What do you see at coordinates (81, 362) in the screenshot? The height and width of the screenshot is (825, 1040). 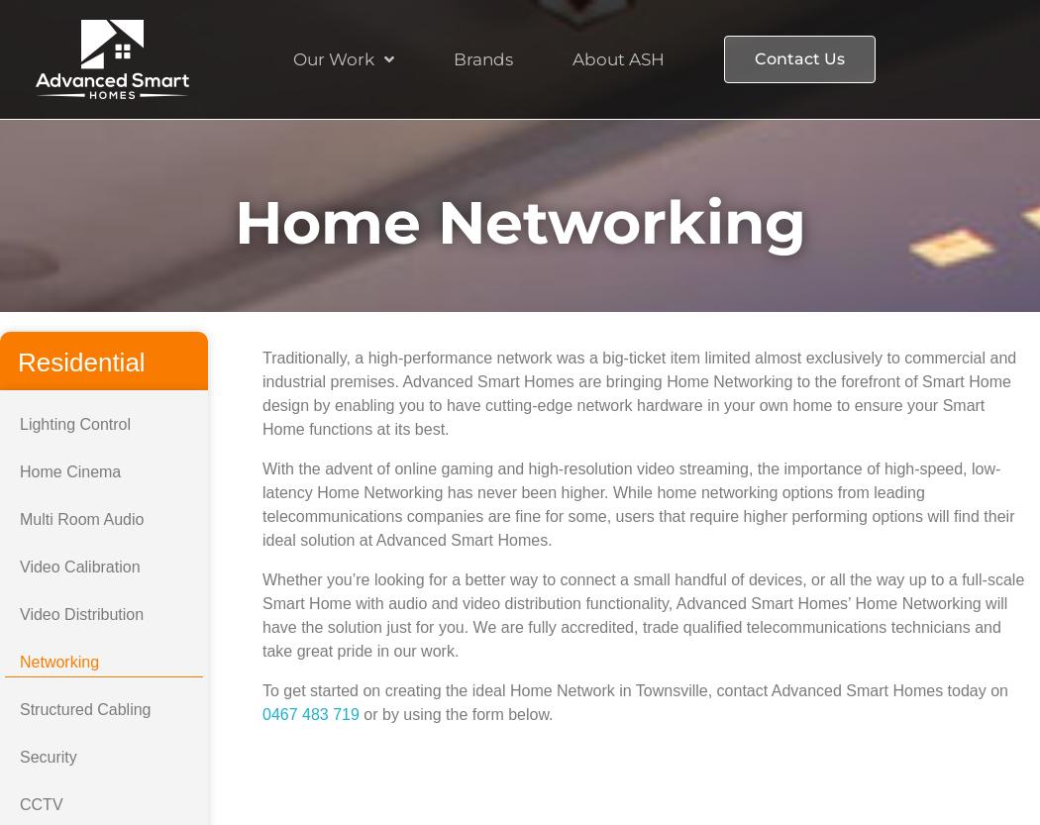 I see `'Residential'` at bounding box center [81, 362].